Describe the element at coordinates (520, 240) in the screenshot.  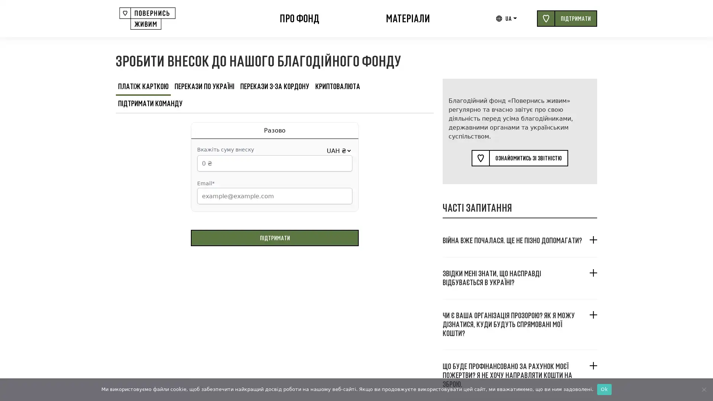
I see `.    ?` at that location.